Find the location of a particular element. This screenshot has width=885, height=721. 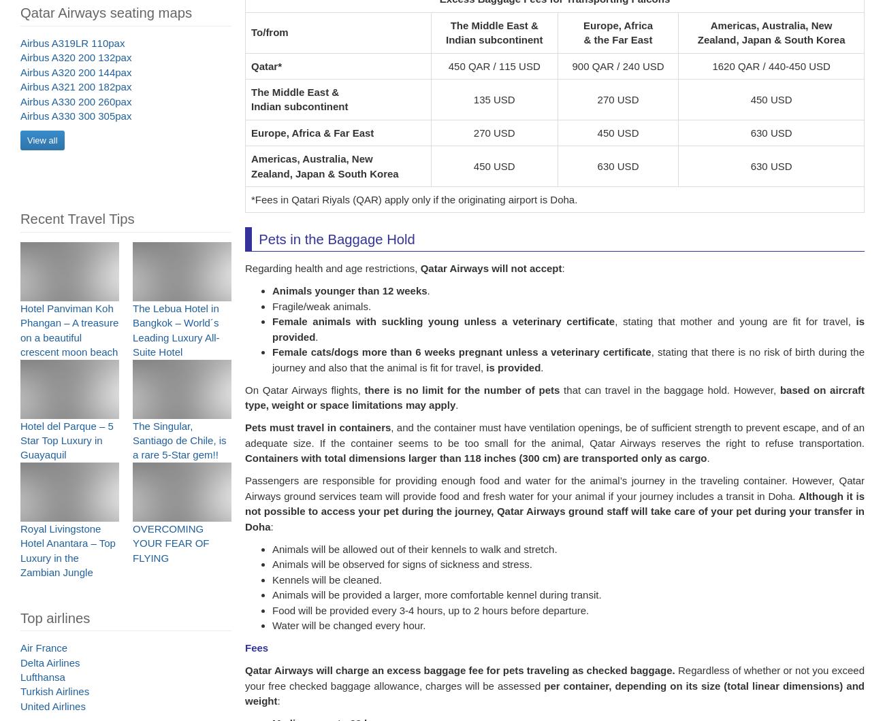

'Containers with total dimensions larger than 118 inches (300 cm) are transported only as cargo' is located at coordinates (475, 465).